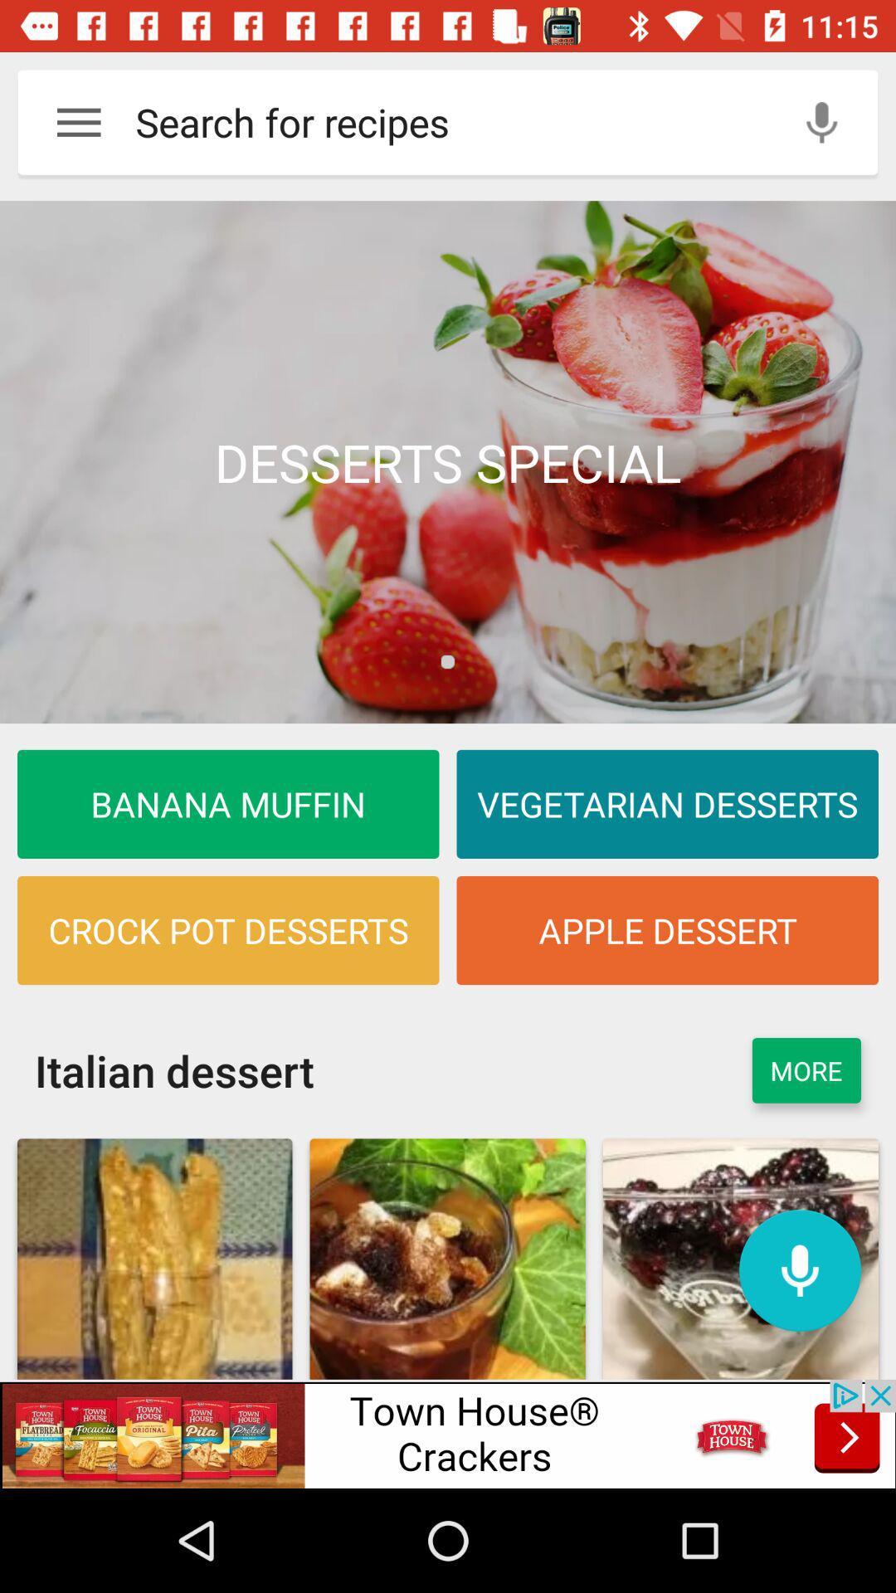 The image size is (896, 1593). Describe the element at coordinates (448, 462) in the screenshot. I see `desserts` at that location.